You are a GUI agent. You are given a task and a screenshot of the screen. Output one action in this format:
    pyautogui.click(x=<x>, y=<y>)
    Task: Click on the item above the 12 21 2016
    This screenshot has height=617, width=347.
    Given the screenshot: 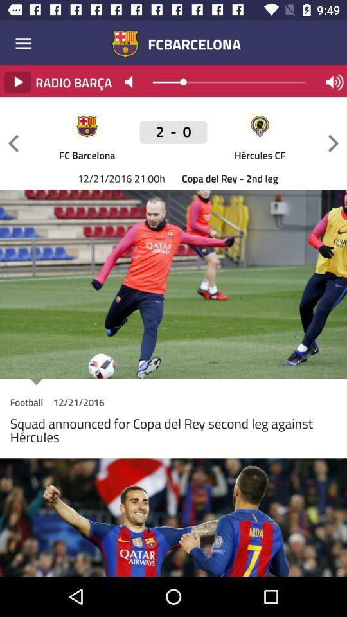 What is the action you would take?
    pyautogui.click(x=13, y=143)
    